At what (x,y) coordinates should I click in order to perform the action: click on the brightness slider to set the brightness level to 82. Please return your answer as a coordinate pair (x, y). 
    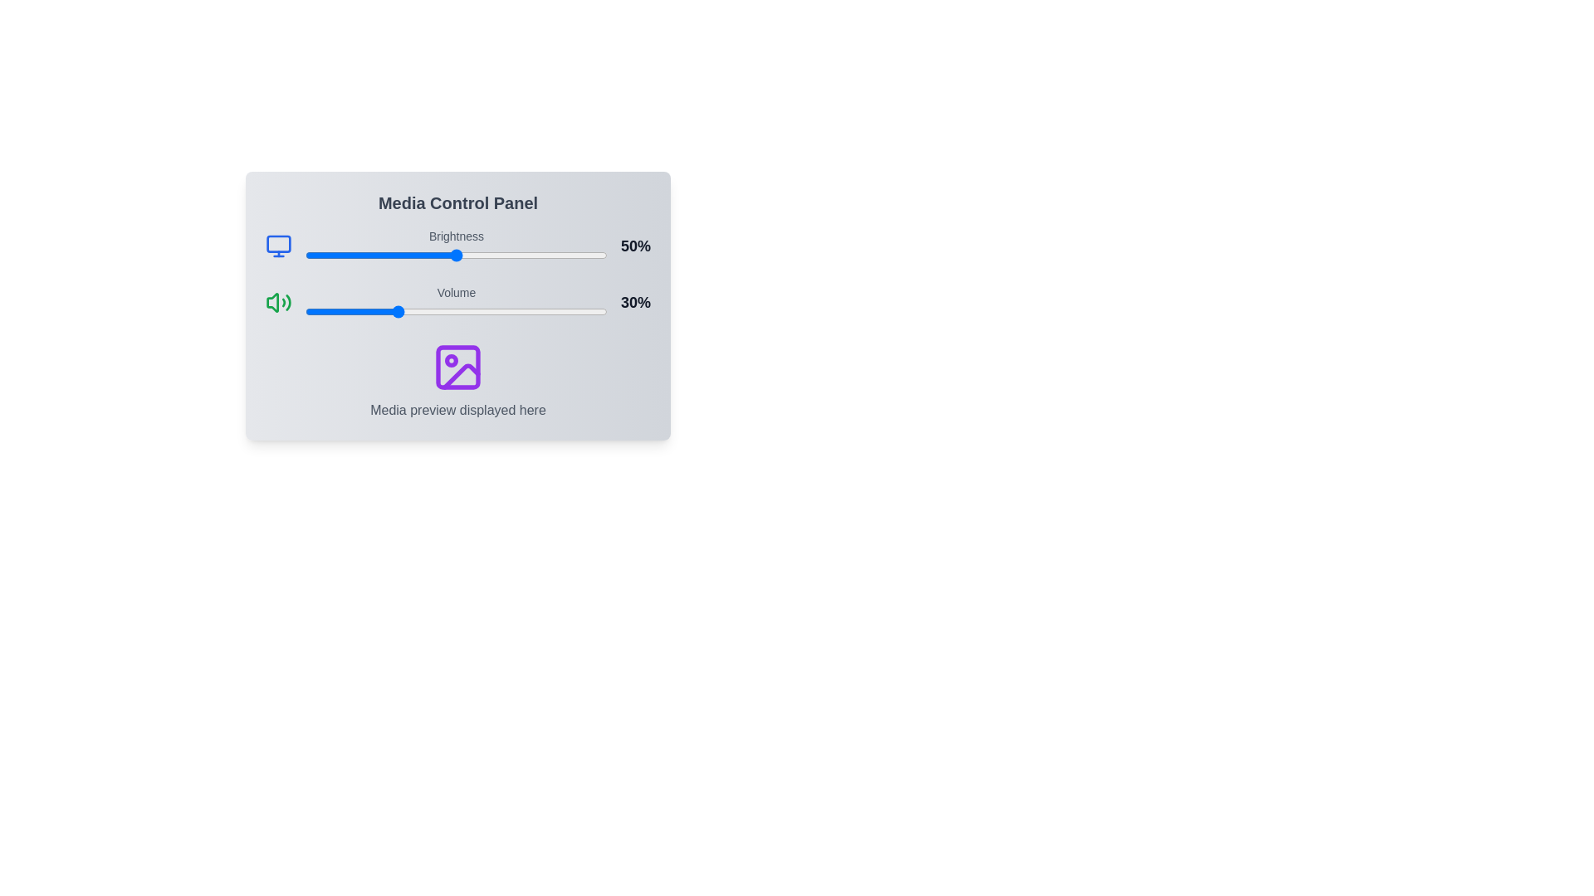
    Looking at the image, I should click on (552, 256).